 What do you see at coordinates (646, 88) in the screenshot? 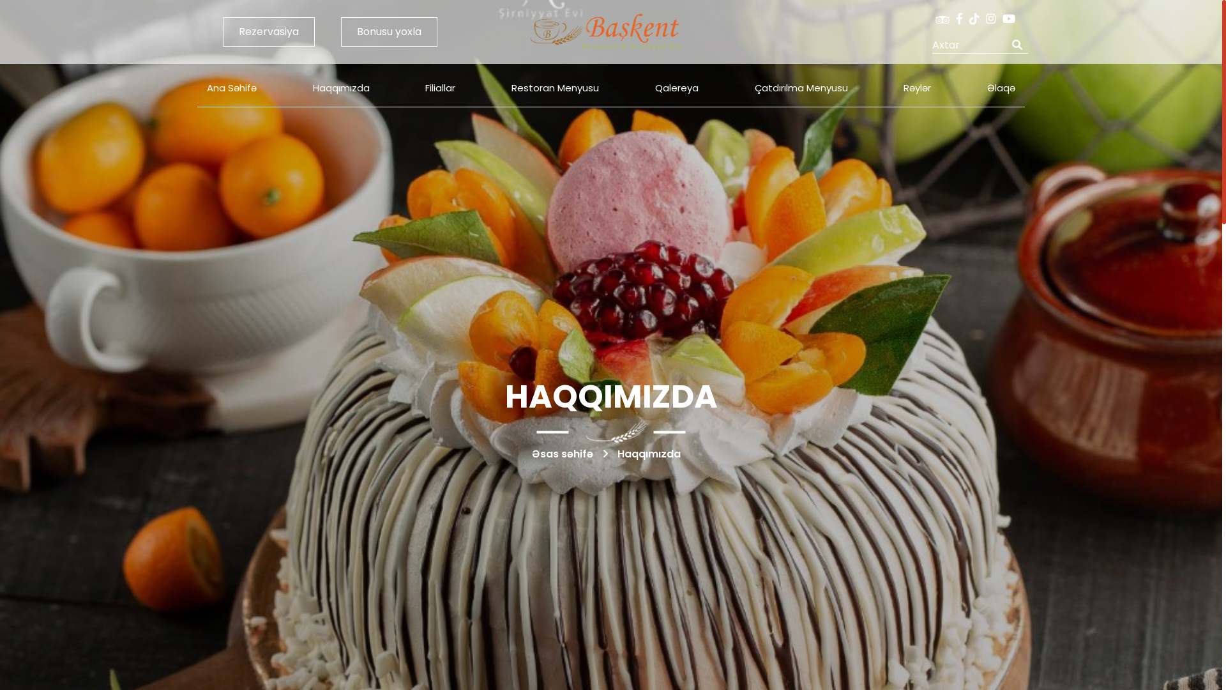
I see `'Qalereya'` at bounding box center [646, 88].